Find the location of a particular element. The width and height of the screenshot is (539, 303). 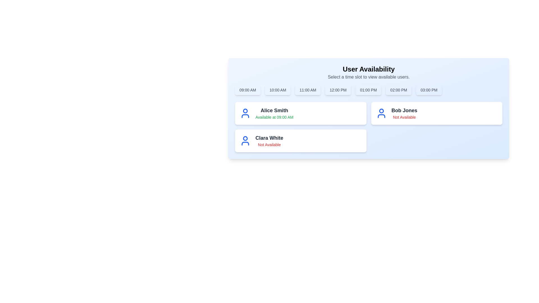

the circular head portion of the avatar icon for the user 'Bob Jones' in the user availability list is located at coordinates (381, 111).